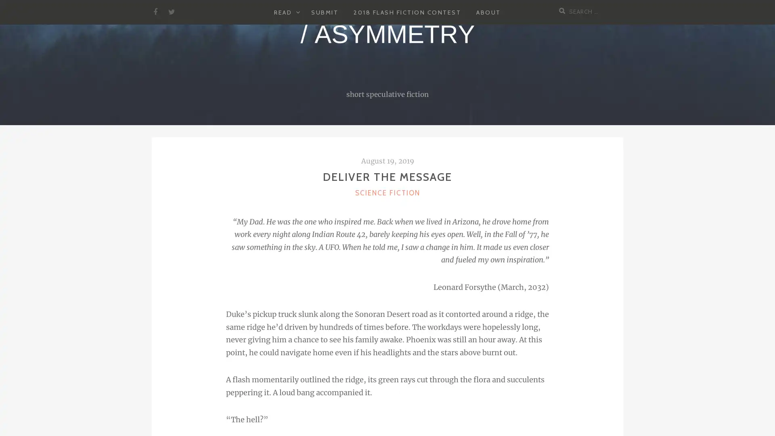 The image size is (775, 436). What do you see at coordinates (563, 10) in the screenshot?
I see `Search` at bounding box center [563, 10].